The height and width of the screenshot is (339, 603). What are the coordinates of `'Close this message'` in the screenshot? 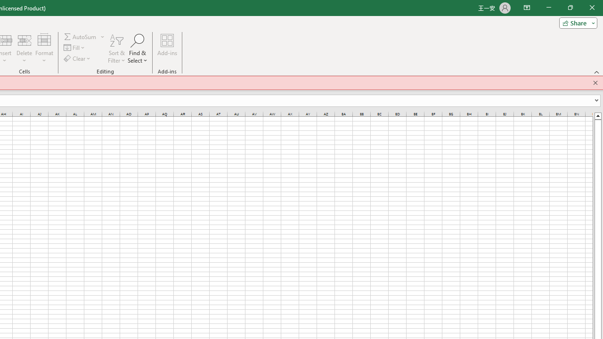 It's located at (595, 82).